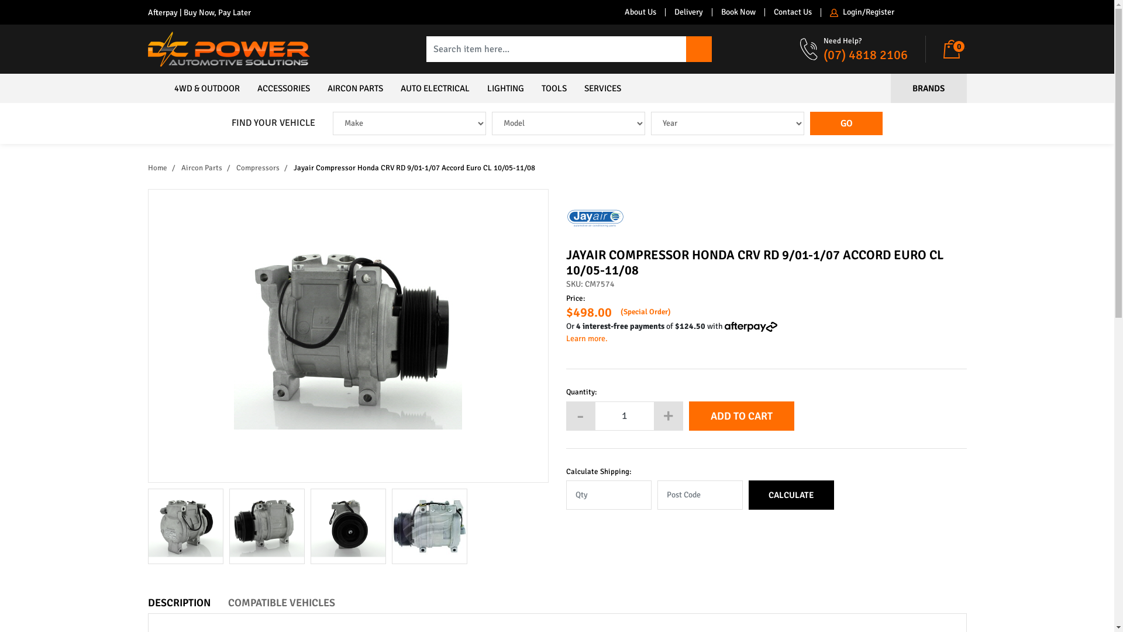 The width and height of the screenshot is (1123, 632). Describe the element at coordinates (688, 12) in the screenshot. I see `'Delivery'` at that location.